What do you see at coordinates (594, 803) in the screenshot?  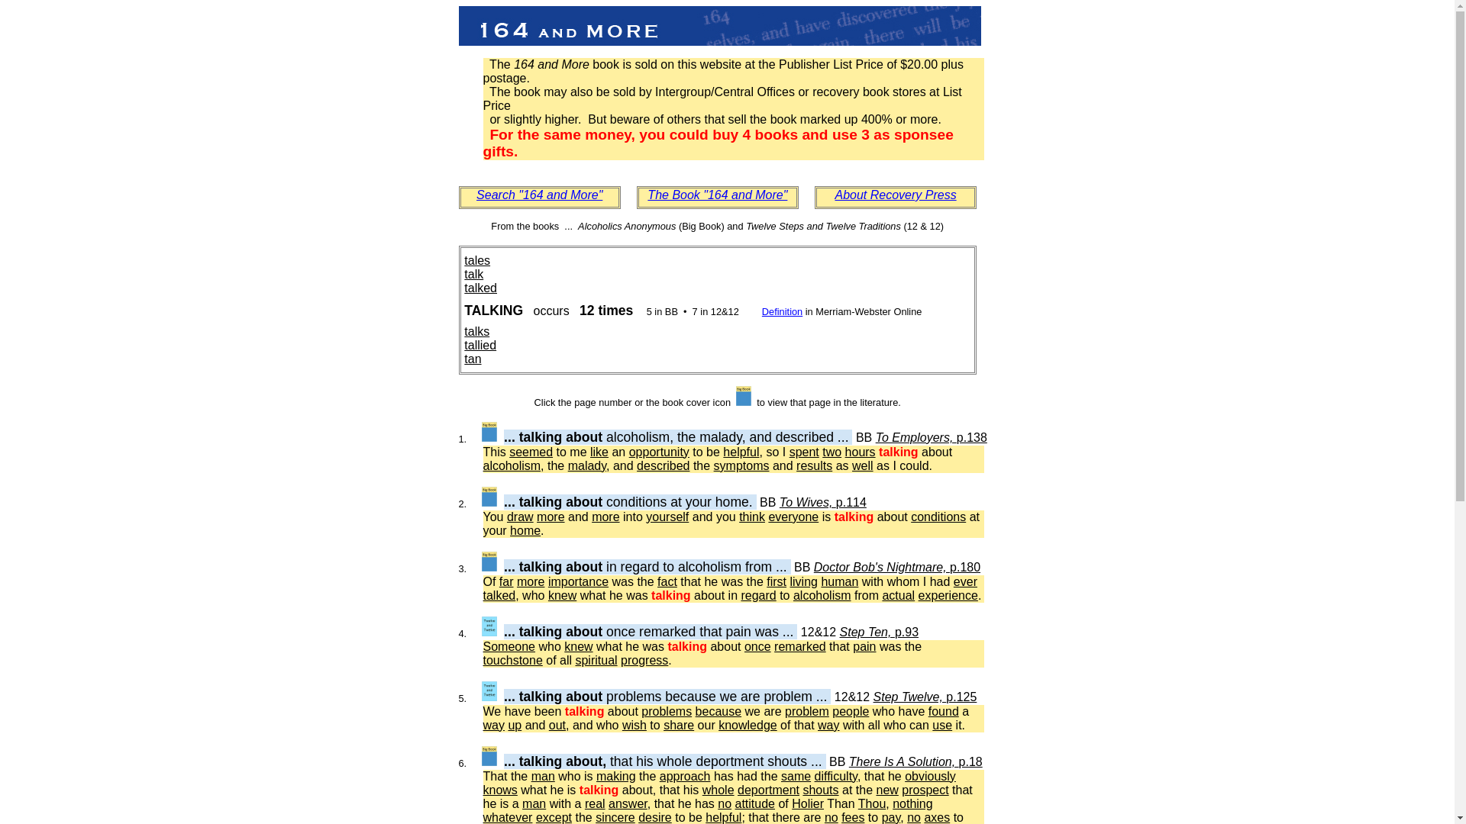 I see `'real'` at bounding box center [594, 803].